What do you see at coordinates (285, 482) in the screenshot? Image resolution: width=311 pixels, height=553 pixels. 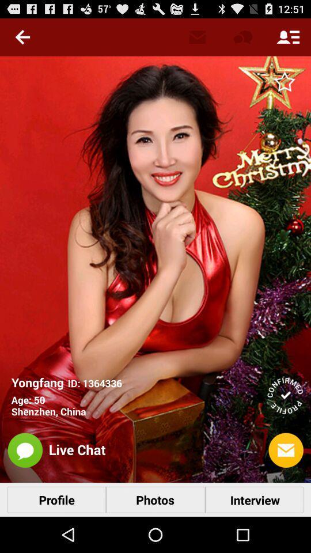 I see `the email icon` at bounding box center [285, 482].